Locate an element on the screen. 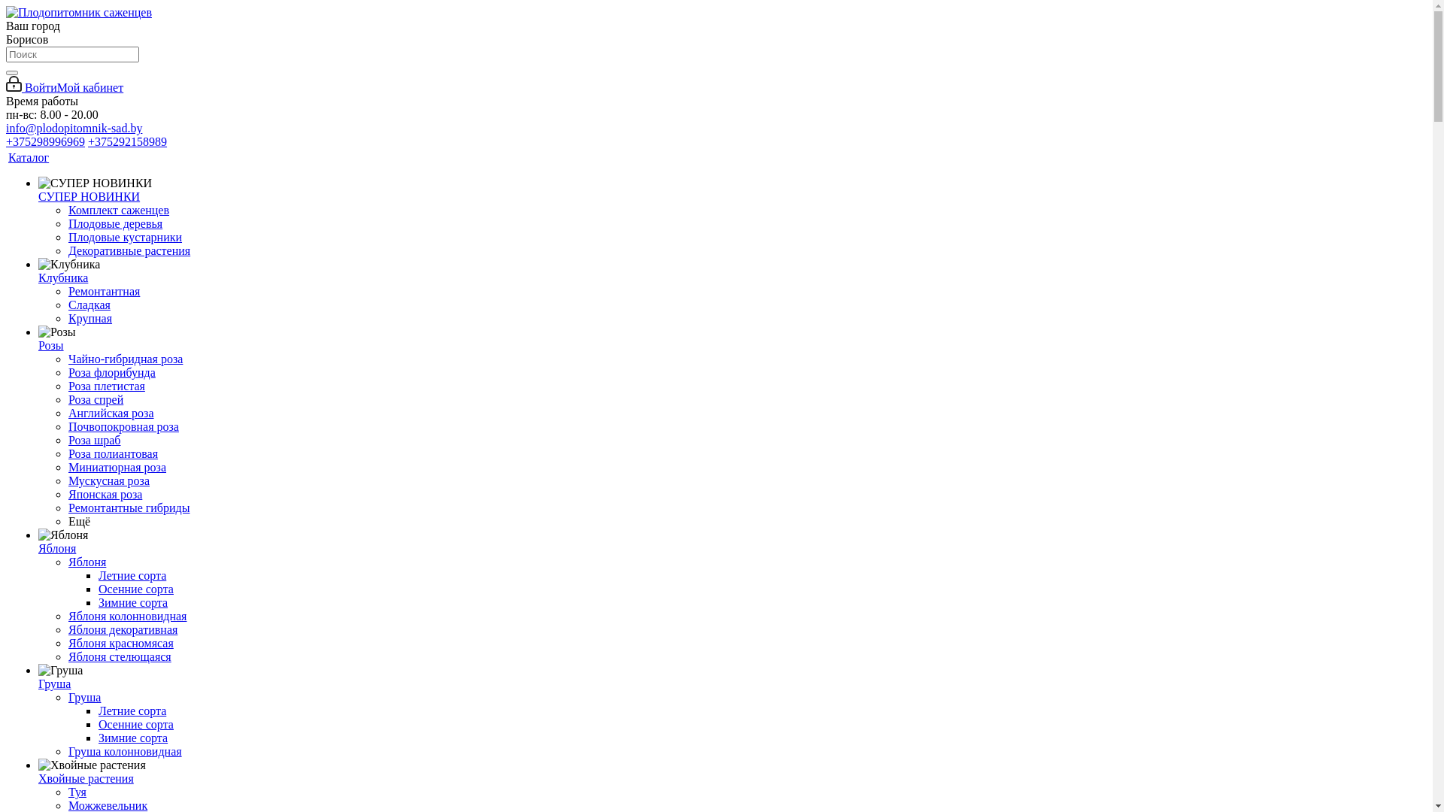 The image size is (1444, 812). 'info@plodopitomnik-sad.by' is located at coordinates (73, 127).